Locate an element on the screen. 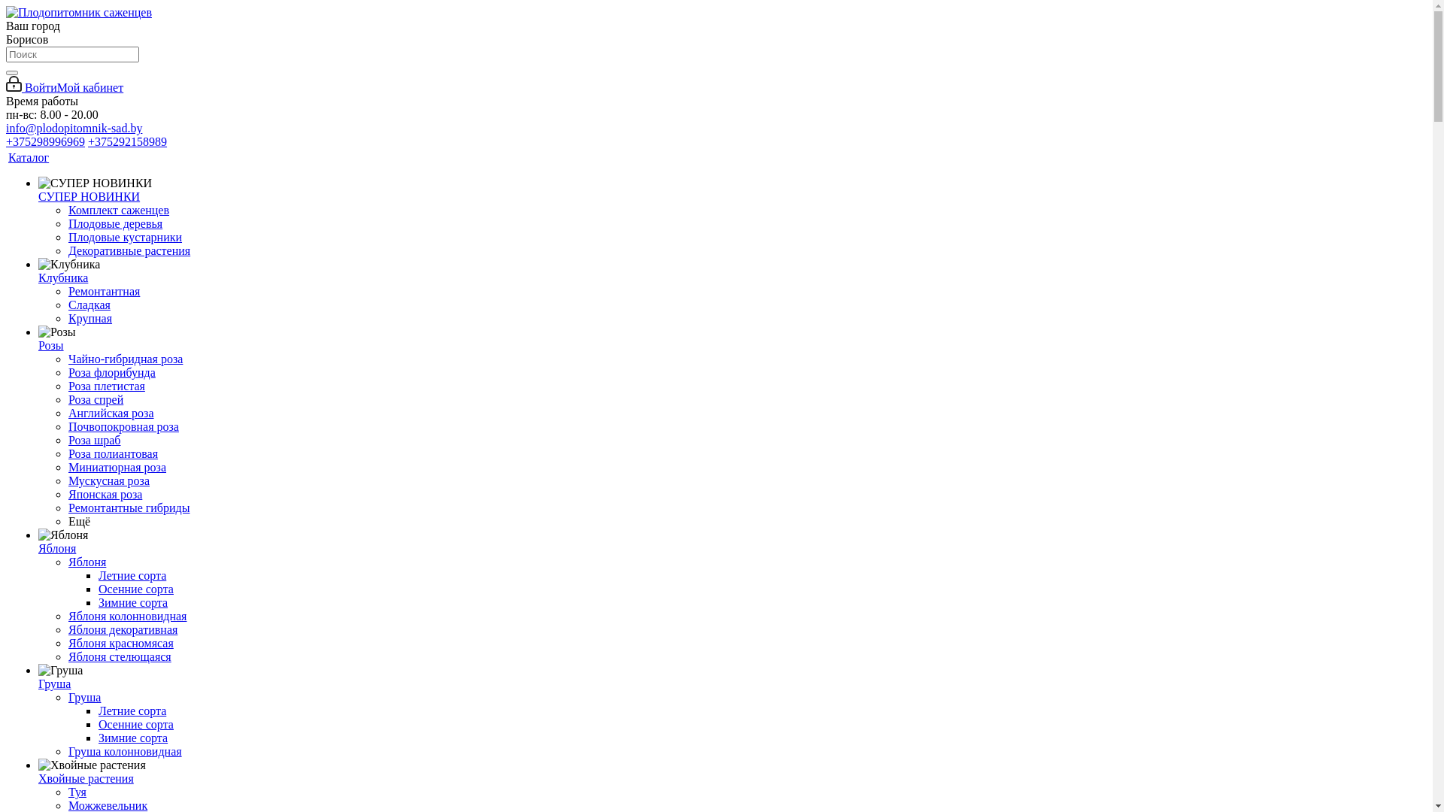 The image size is (1444, 812). 'info@plodopitomnik-sad.by' is located at coordinates (73, 127).